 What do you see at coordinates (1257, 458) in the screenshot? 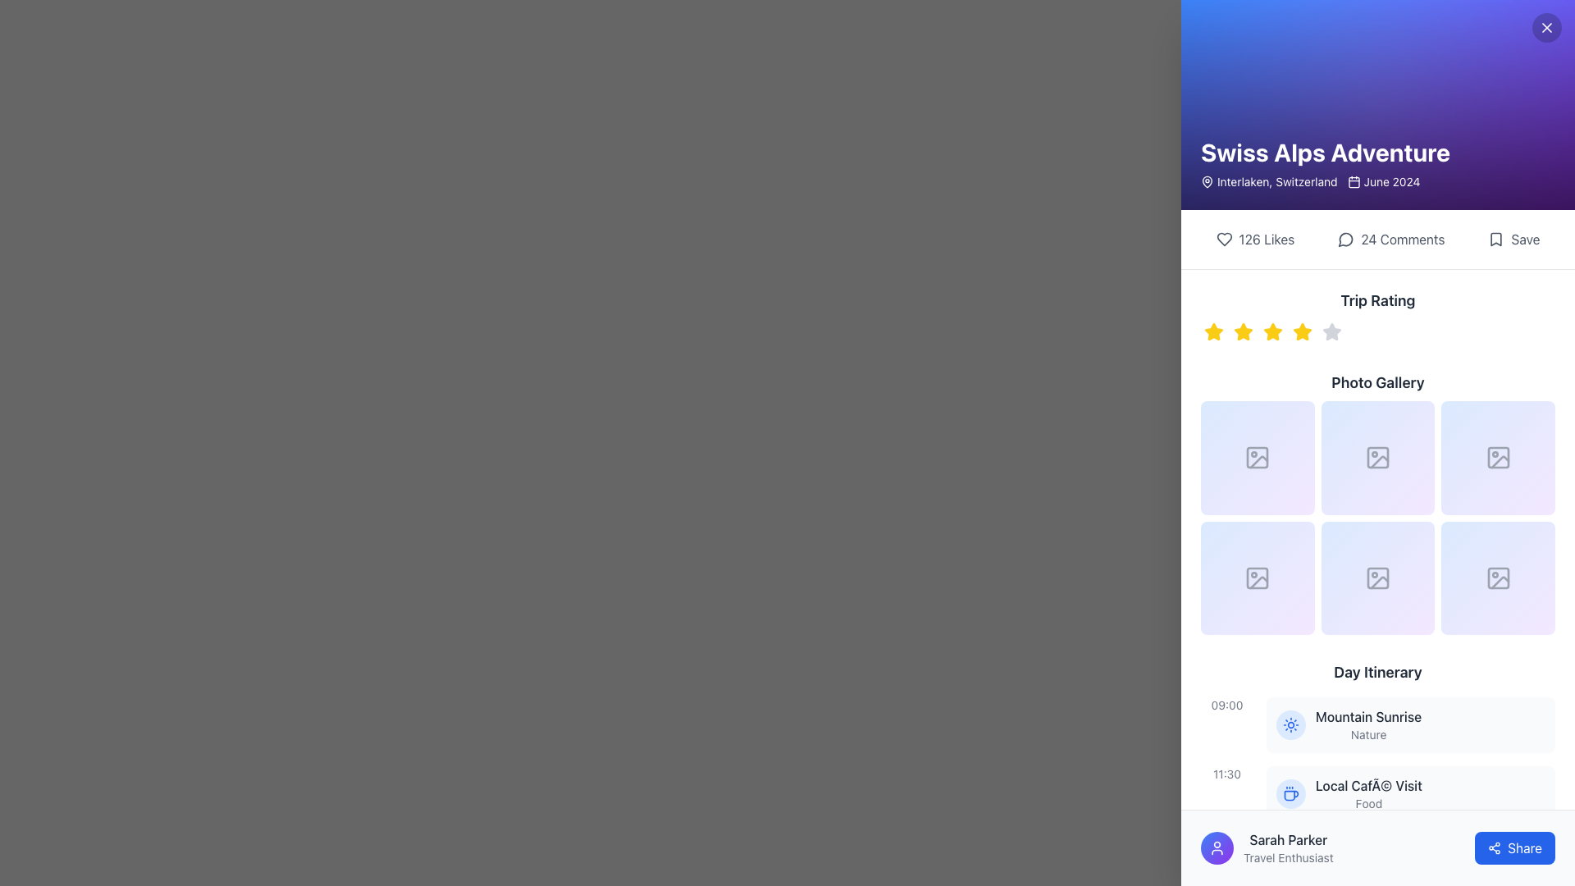
I see `the first image placeholder in the photo gallery, located under the 'Photo Gallery' header` at bounding box center [1257, 458].